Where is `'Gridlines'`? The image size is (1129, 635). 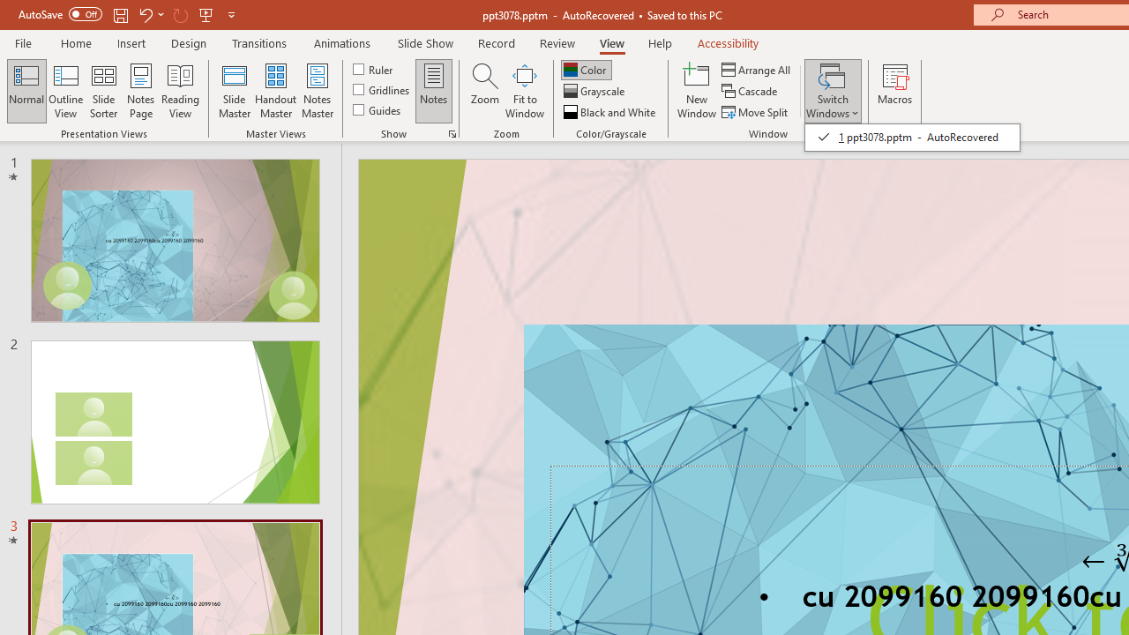 'Gridlines' is located at coordinates (381, 89).